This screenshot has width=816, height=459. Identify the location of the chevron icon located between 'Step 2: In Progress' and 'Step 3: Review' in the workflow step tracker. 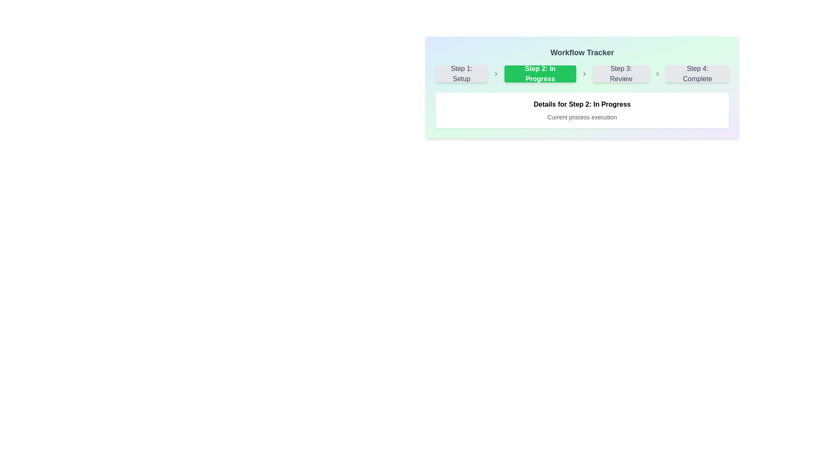
(584, 73).